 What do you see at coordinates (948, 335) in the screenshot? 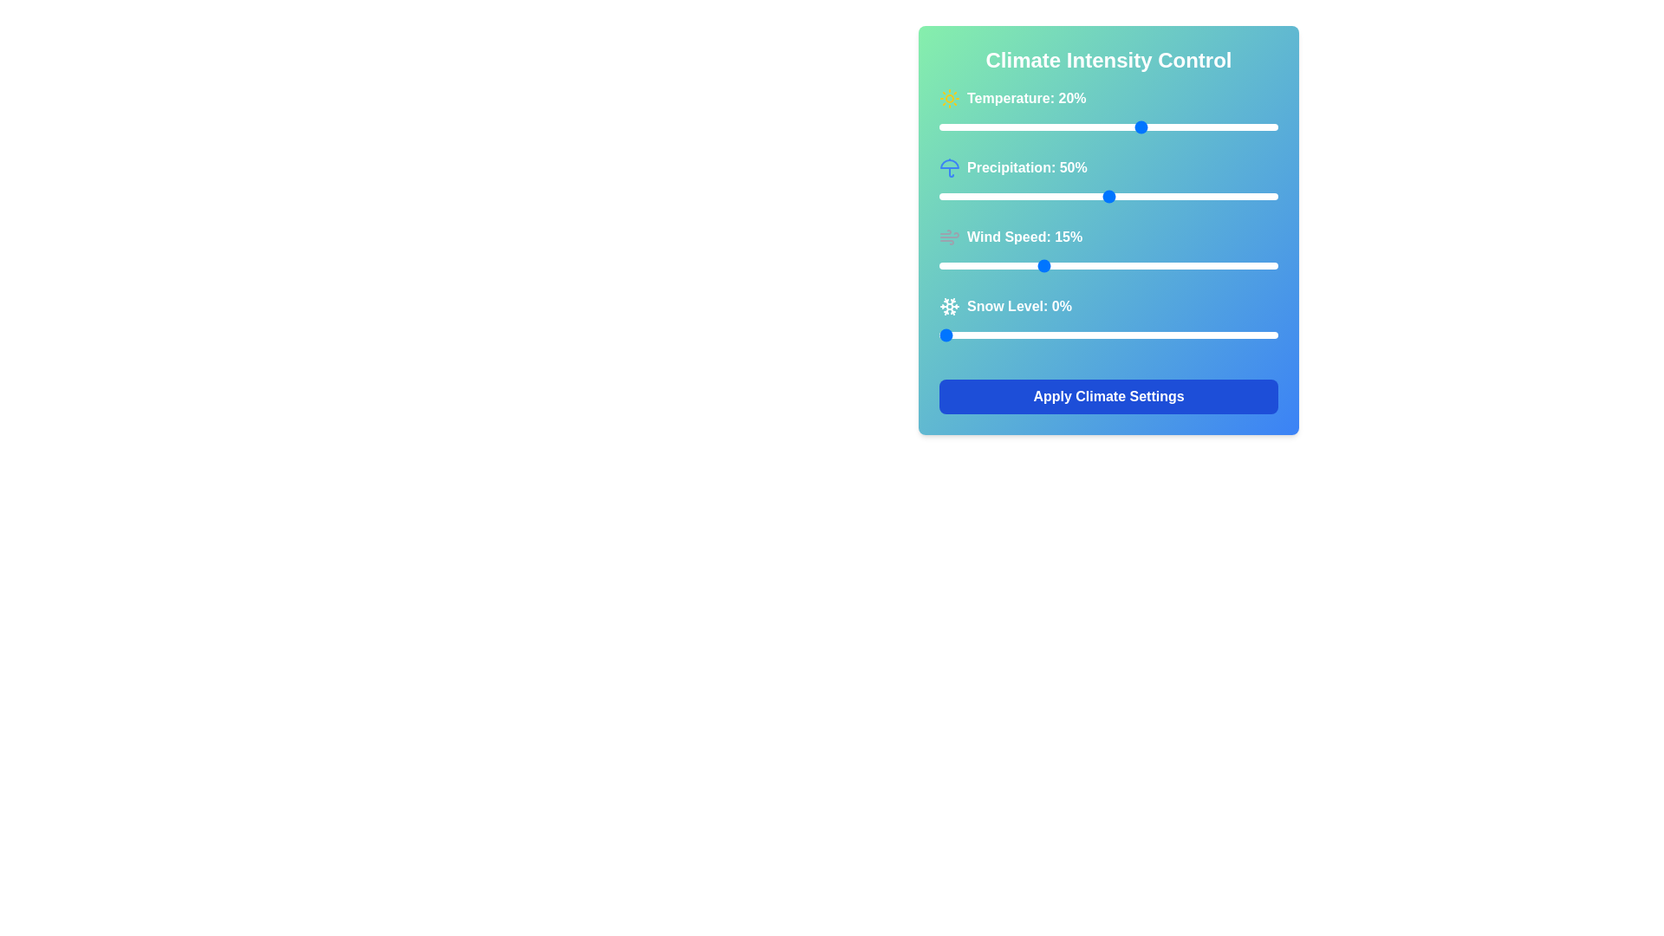
I see `the snow level` at bounding box center [948, 335].